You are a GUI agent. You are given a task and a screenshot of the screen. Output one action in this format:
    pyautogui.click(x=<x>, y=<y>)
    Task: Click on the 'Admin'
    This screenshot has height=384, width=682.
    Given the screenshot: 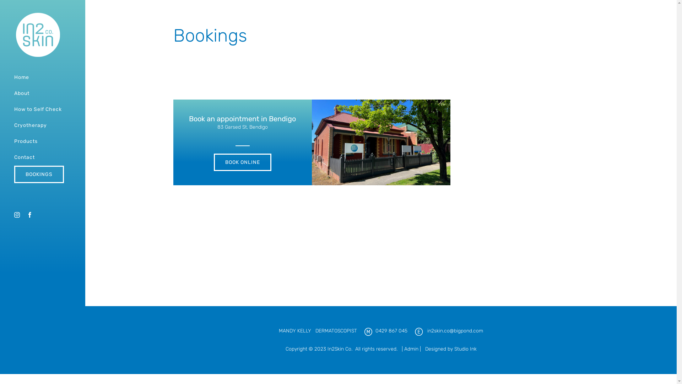 What is the action you would take?
    pyautogui.click(x=411, y=348)
    